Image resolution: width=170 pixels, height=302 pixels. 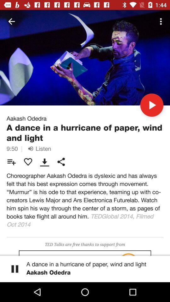 I want to click on the play icon, so click(x=151, y=105).